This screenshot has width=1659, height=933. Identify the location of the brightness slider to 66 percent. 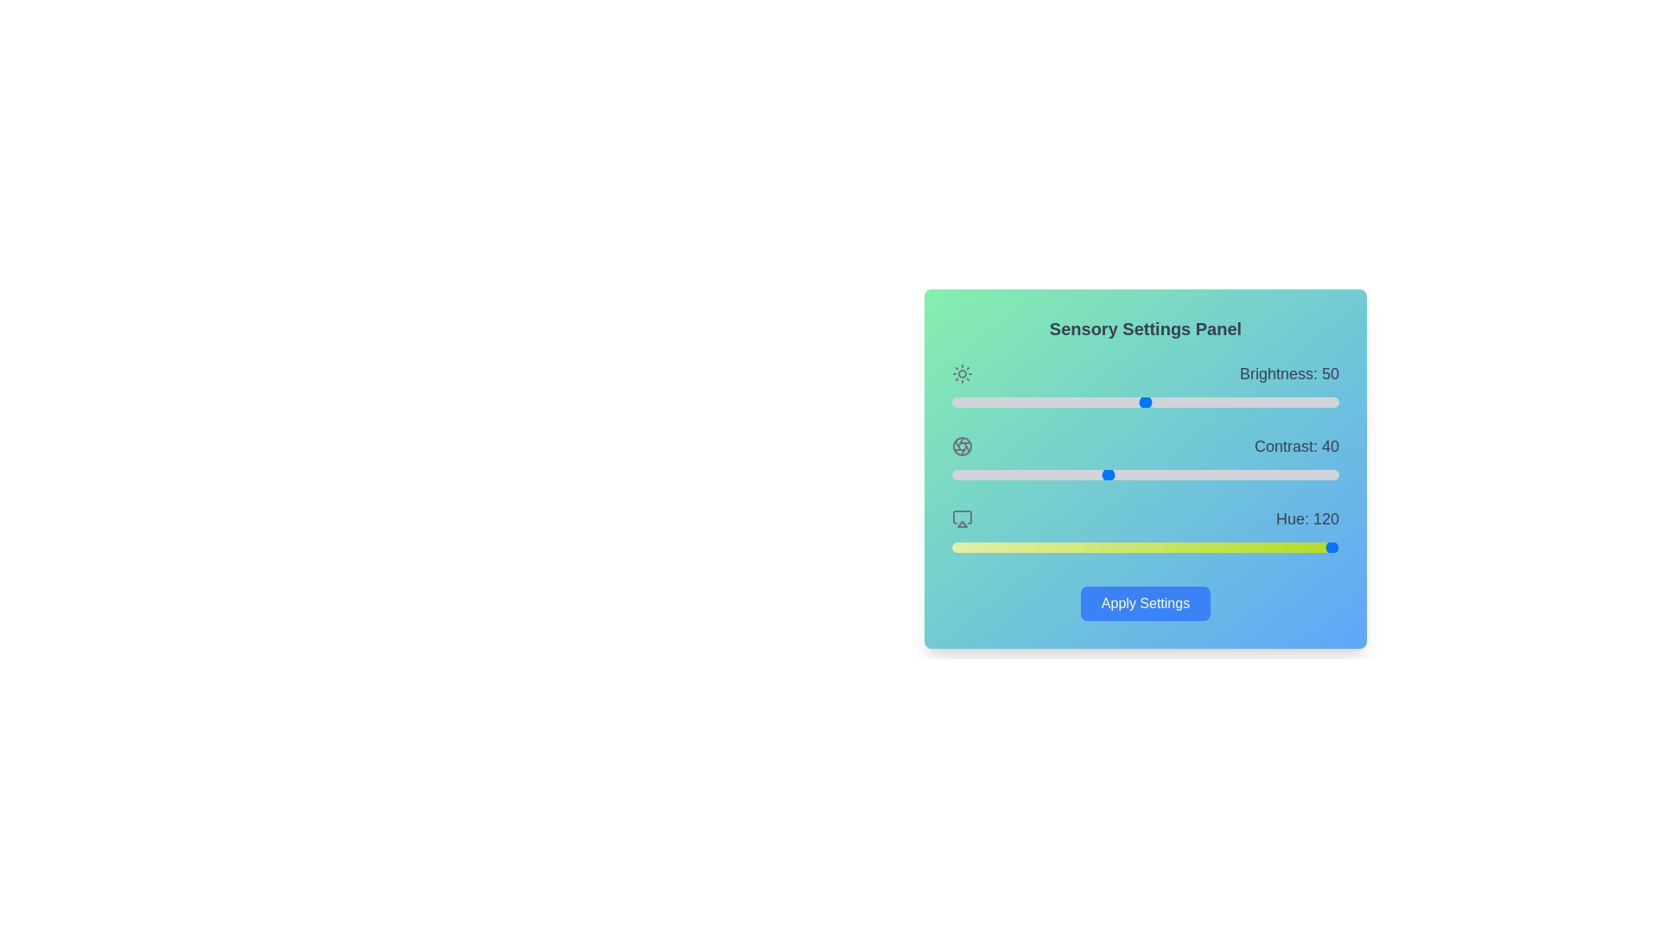
(1206, 403).